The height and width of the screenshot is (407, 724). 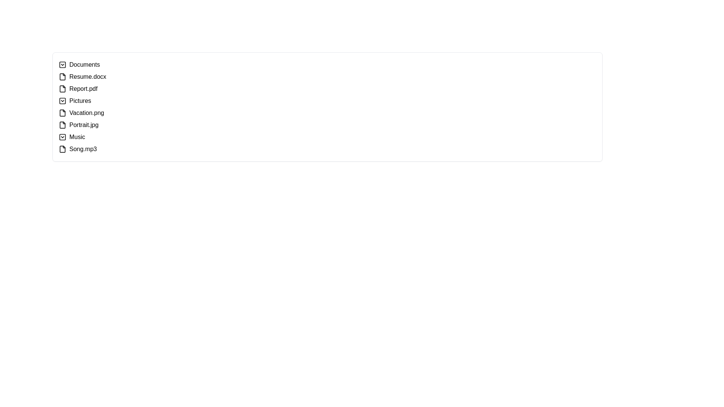 What do you see at coordinates (83, 88) in the screenshot?
I see `the text label for the file named 'Report.pdf'` at bounding box center [83, 88].